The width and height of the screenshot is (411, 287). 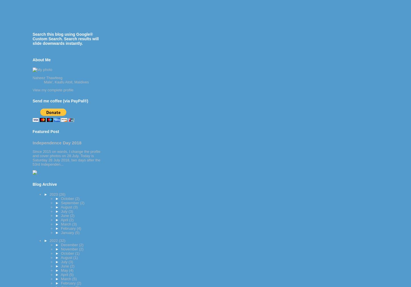 I want to click on 'Since 2015 on wards, I change the profile and cover photos on 28 July.   Today is Saturday 28 July 2018, two days after the 53rd Independen...', so click(x=66, y=157).